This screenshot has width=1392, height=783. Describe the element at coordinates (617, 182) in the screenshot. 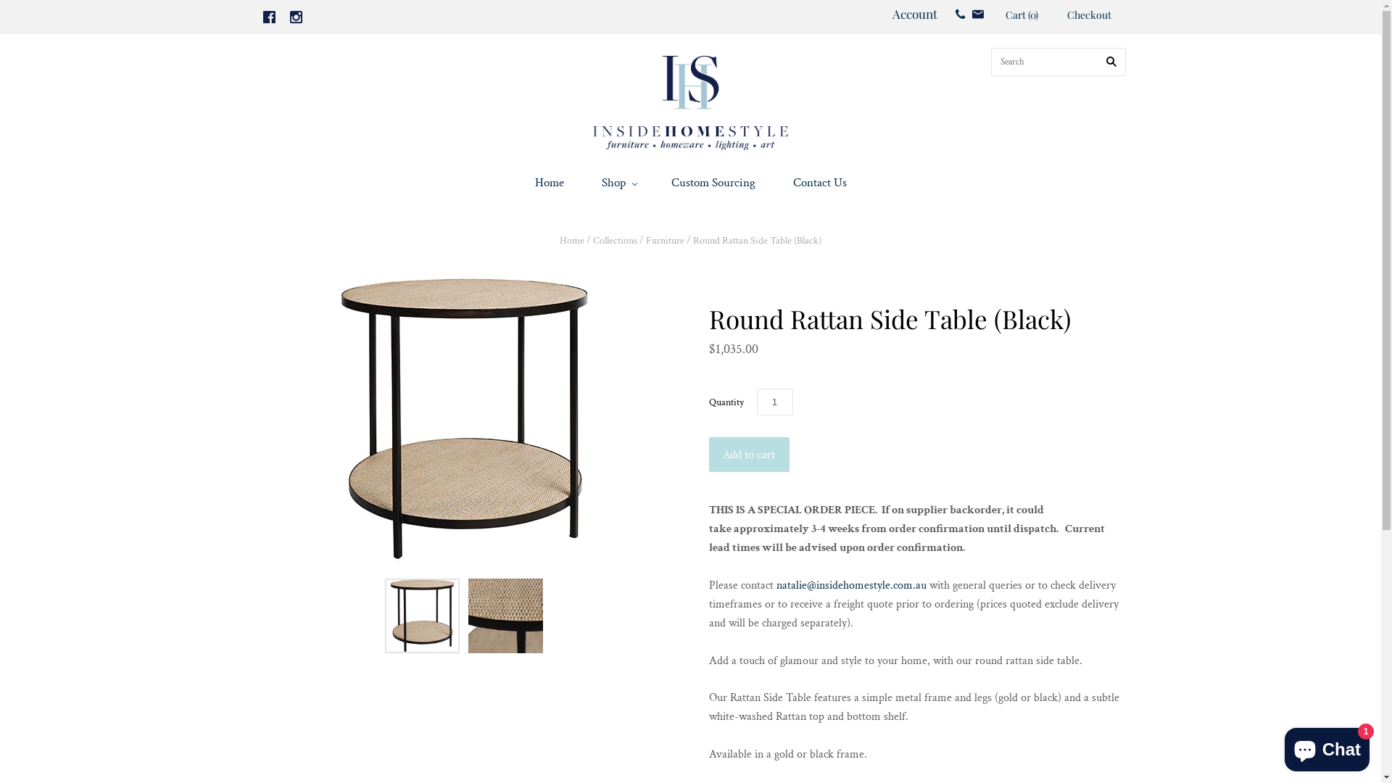

I see `'Shop'` at that location.